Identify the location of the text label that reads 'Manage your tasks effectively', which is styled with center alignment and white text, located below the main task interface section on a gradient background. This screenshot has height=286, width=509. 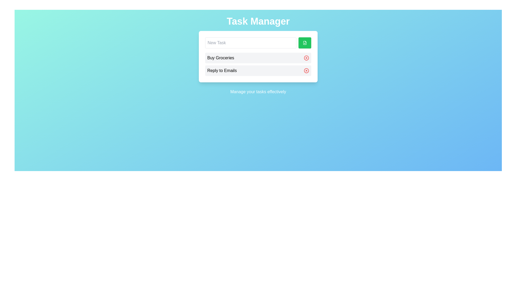
(258, 92).